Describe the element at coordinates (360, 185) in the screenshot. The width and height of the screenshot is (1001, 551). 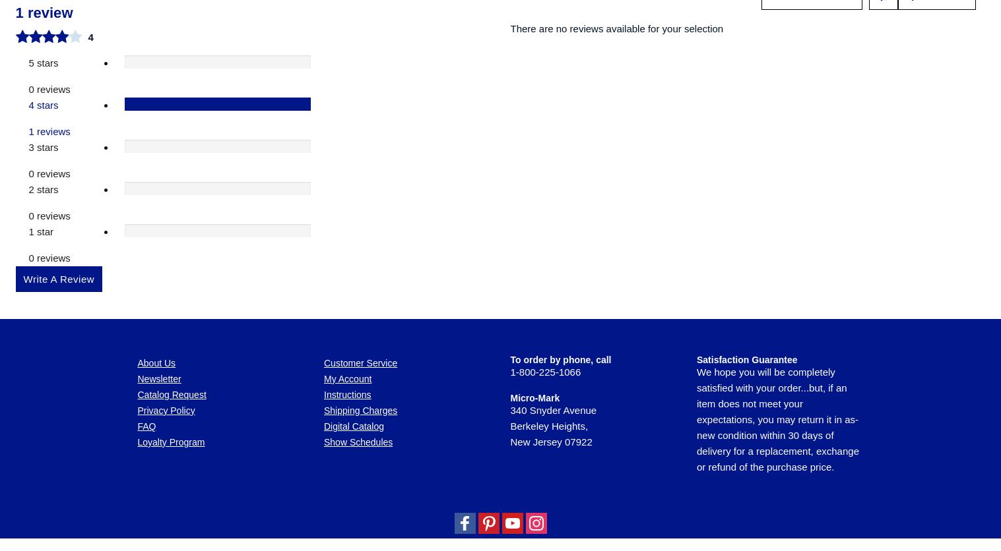
I see `'Shipping Charges'` at that location.